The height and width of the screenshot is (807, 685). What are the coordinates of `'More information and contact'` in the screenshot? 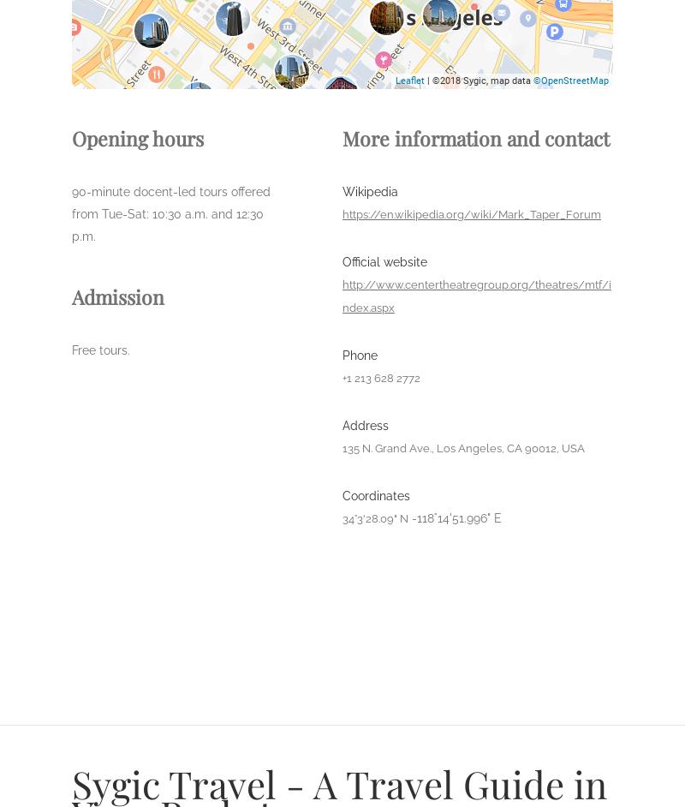 It's located at (476, 137).